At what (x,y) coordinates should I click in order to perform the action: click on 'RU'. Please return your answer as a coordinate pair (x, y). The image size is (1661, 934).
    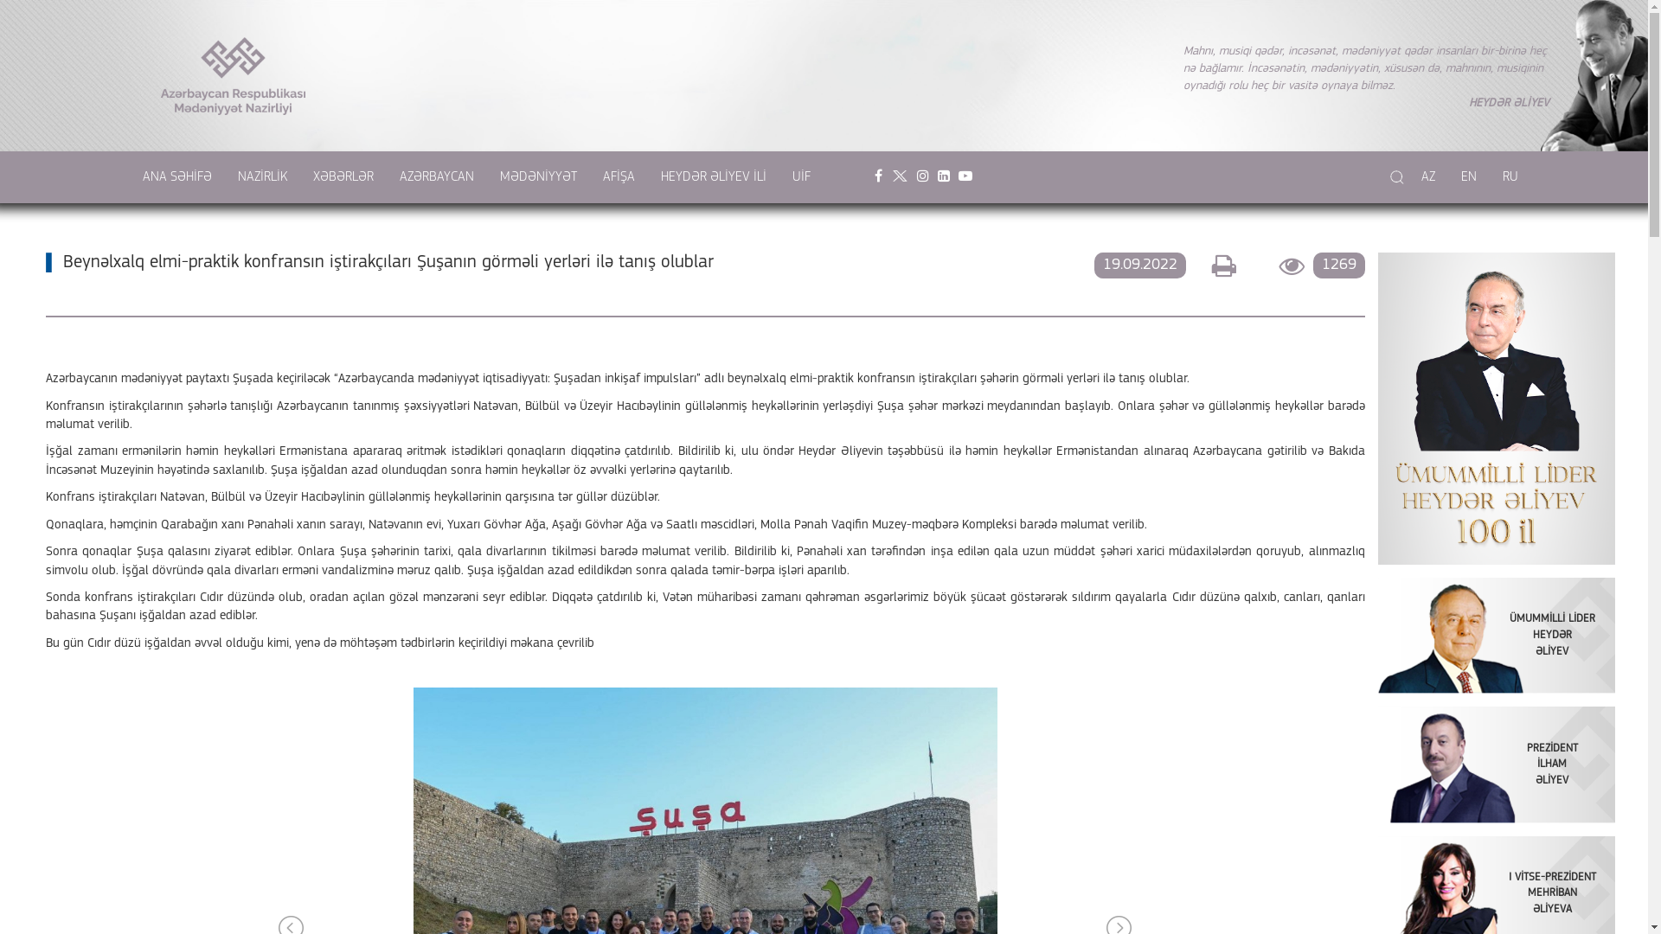
    Looking at the image, I should click on (1510, 176).